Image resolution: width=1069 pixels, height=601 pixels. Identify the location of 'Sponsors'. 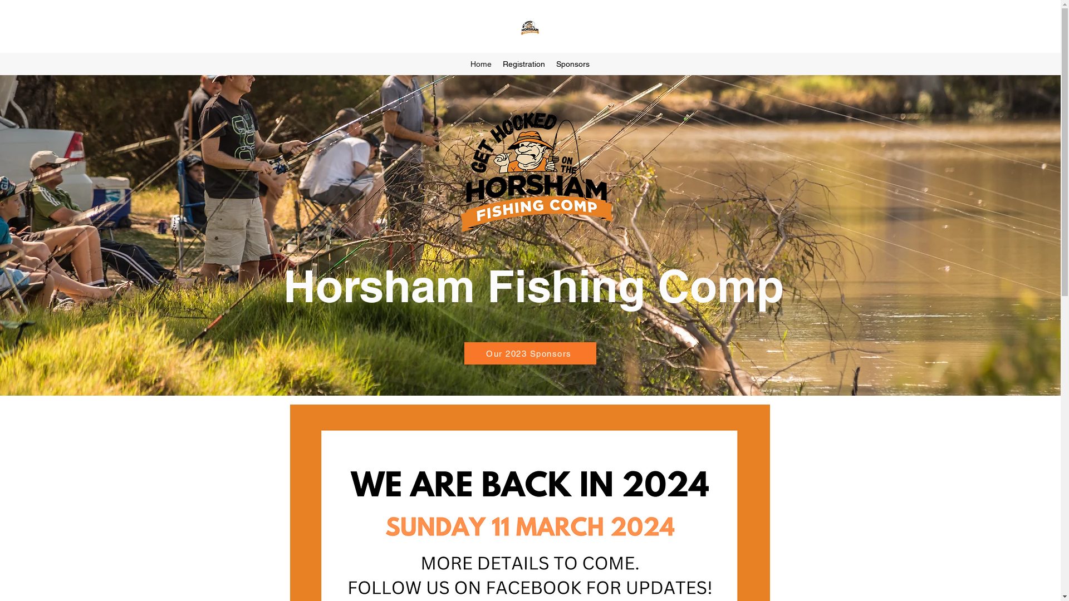
(572, 64).